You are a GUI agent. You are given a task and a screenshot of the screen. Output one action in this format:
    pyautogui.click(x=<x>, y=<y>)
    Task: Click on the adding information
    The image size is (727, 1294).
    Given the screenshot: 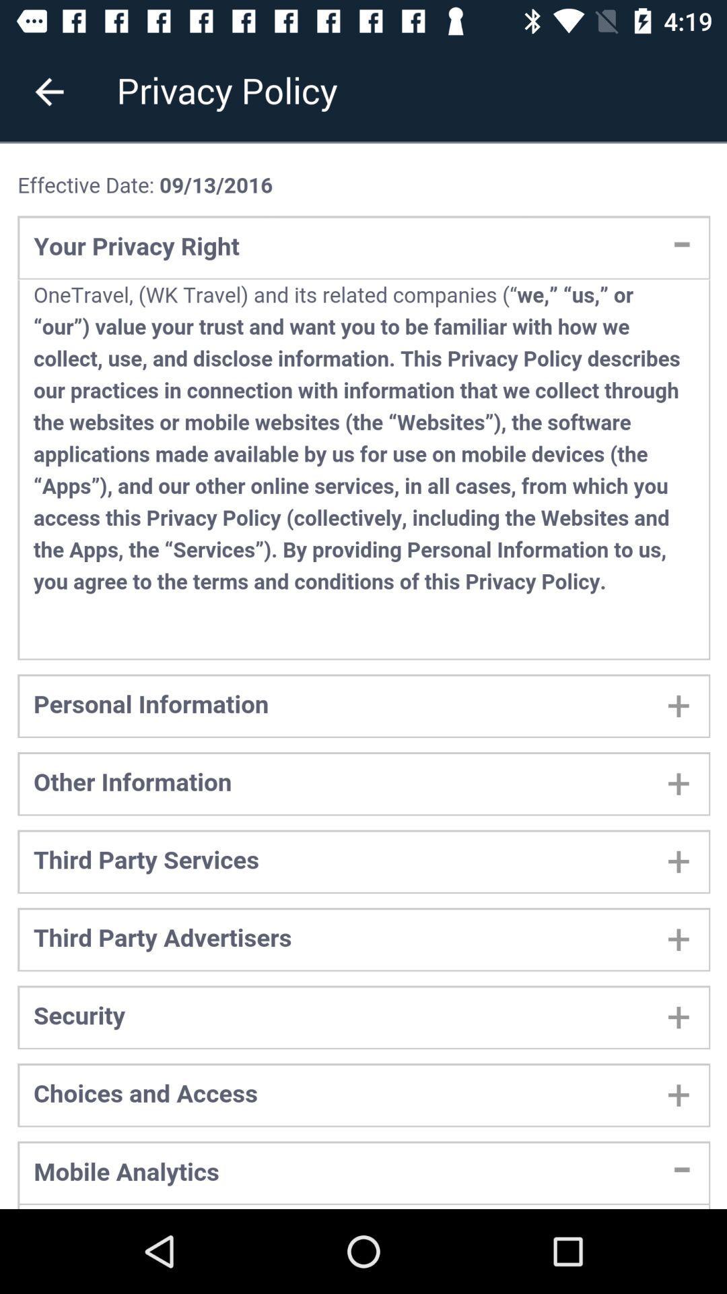 What is the action you would take?
    pyautogui.click(x=363, y=676)
    